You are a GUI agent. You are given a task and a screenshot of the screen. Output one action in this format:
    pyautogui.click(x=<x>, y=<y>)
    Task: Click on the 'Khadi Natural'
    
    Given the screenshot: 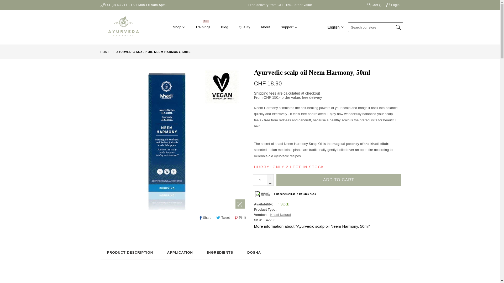 What is the action you would take?
    pyautogui.click(x=270, y=215)
    